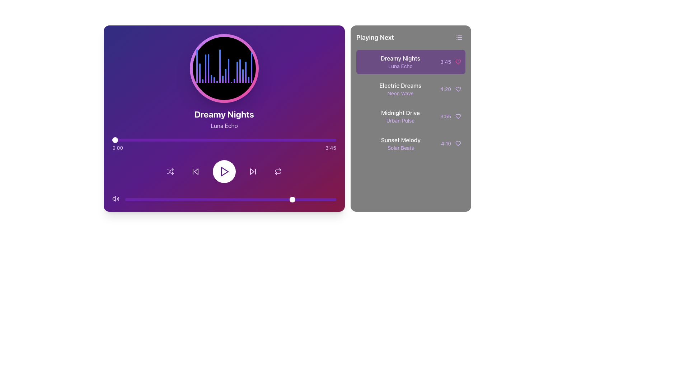 The width and height of the screenshot is (689, 387). I want to click on the subtitle text label displaying additional information for the 'Sunset Melody' track located in the 'Playing Next' playlist, so click(400, 147).